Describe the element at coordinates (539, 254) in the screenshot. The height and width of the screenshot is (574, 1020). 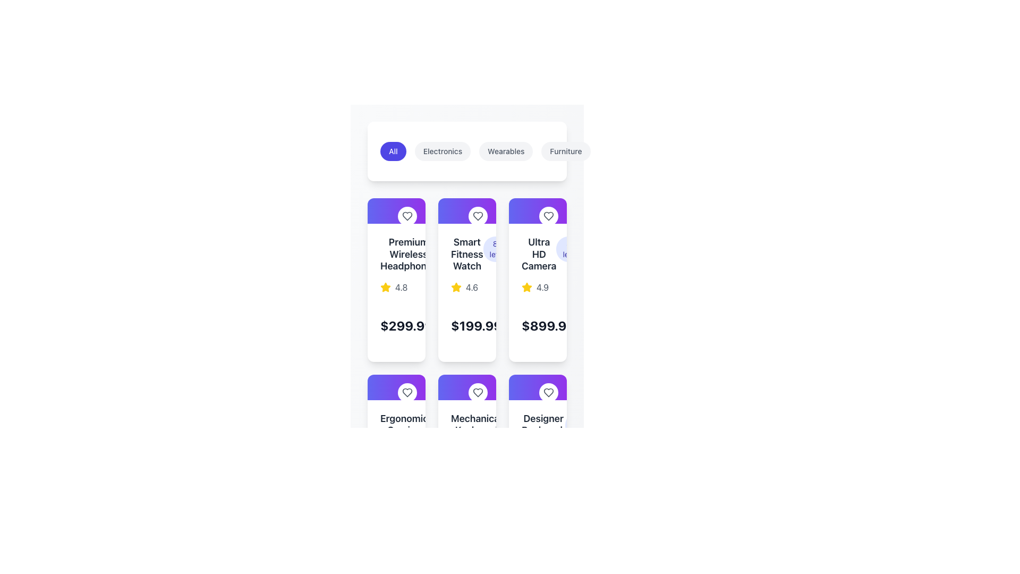
I see `the three-line text label that reads 'Ultra', 'HD', and 'Camera', which is styled in bold and dark color, to trigger a tooltip` at that location.